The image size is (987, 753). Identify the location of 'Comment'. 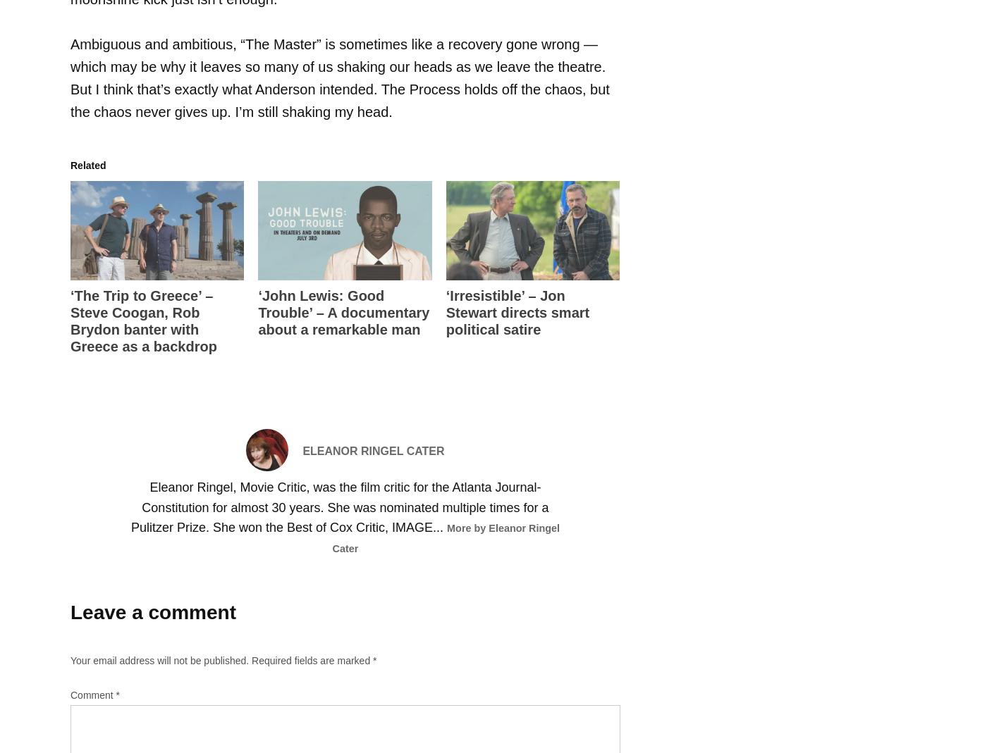
(93, 695).